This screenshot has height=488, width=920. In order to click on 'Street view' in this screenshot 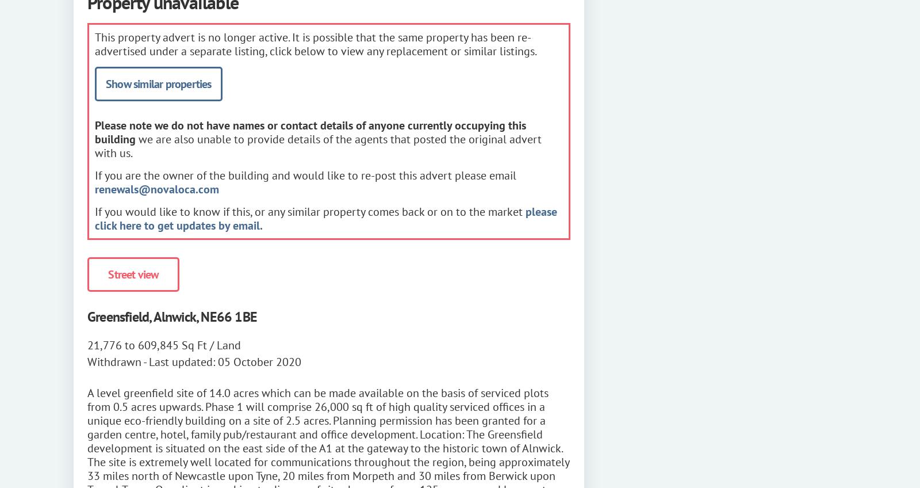, I will do `click(108, 273)`.